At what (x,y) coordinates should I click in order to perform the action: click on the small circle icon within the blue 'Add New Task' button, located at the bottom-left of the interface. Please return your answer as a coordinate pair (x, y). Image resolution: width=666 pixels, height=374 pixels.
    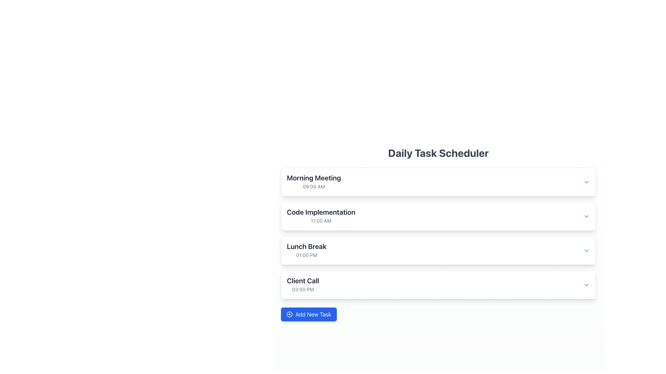
    Looking at the image, I should click on (290, 314).